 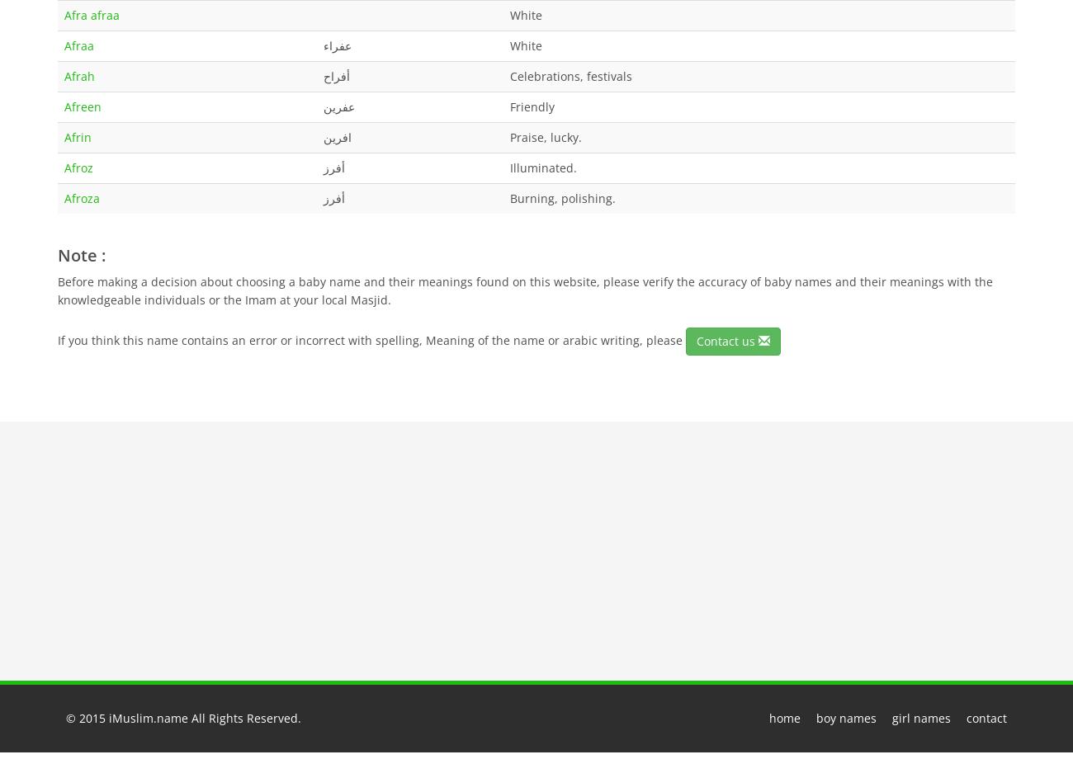 What do you see at coordinates (83, 106) in the screenshot?
I see `'Afreen'` at bounding box center [83, 106].